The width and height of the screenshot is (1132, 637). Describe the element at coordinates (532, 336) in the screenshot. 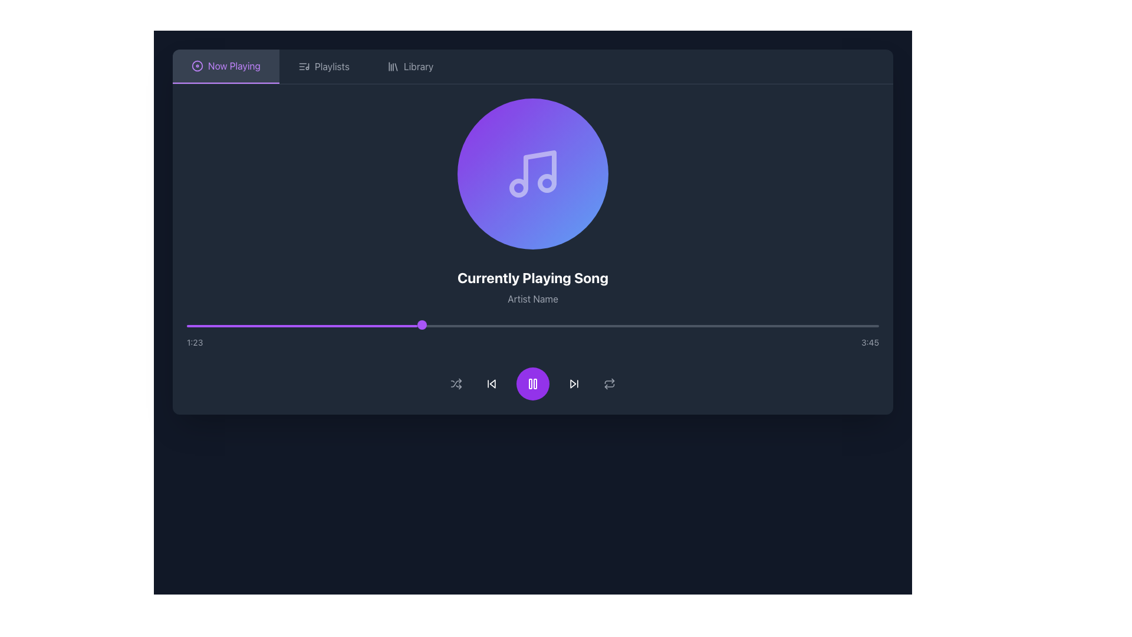

I see `the progress bar located at the bottom of the media player interface to seek to a specific time point in the playback` at that location.